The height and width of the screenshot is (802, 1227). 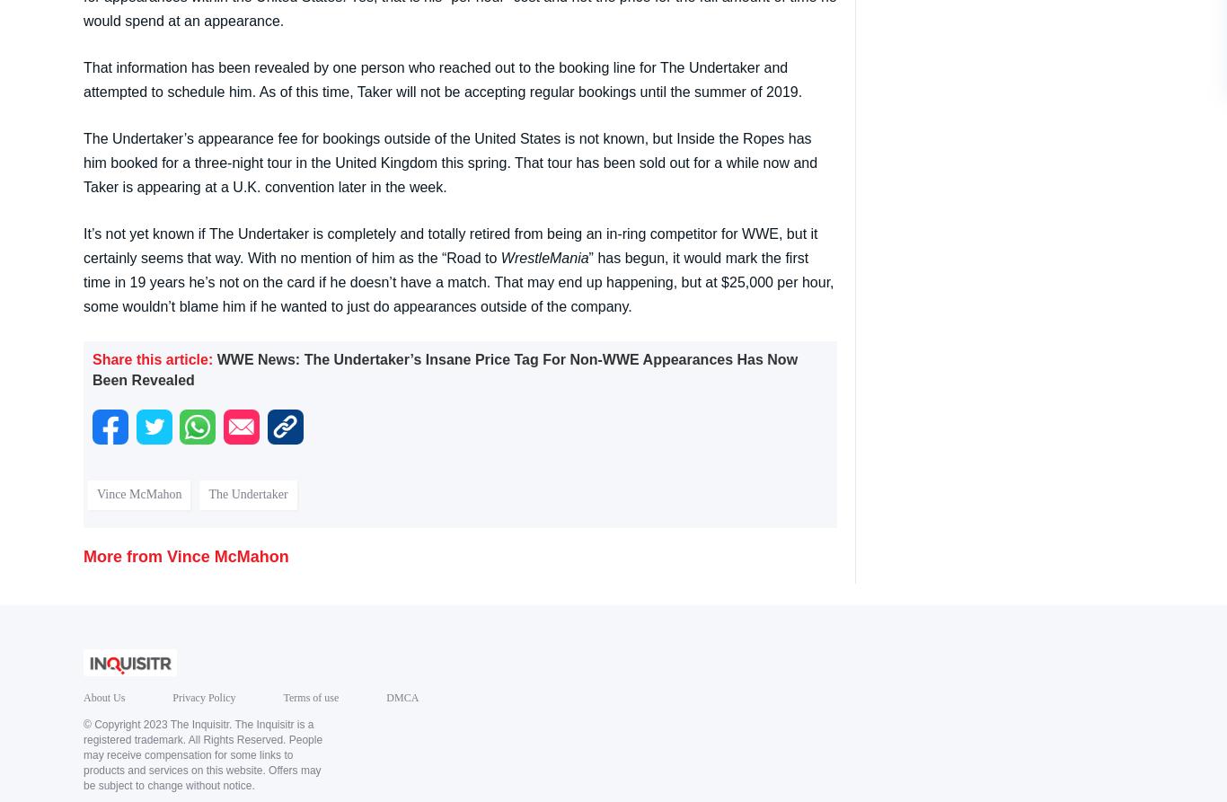 I want to click on 'Terms of use', so click(x=310, y=696).